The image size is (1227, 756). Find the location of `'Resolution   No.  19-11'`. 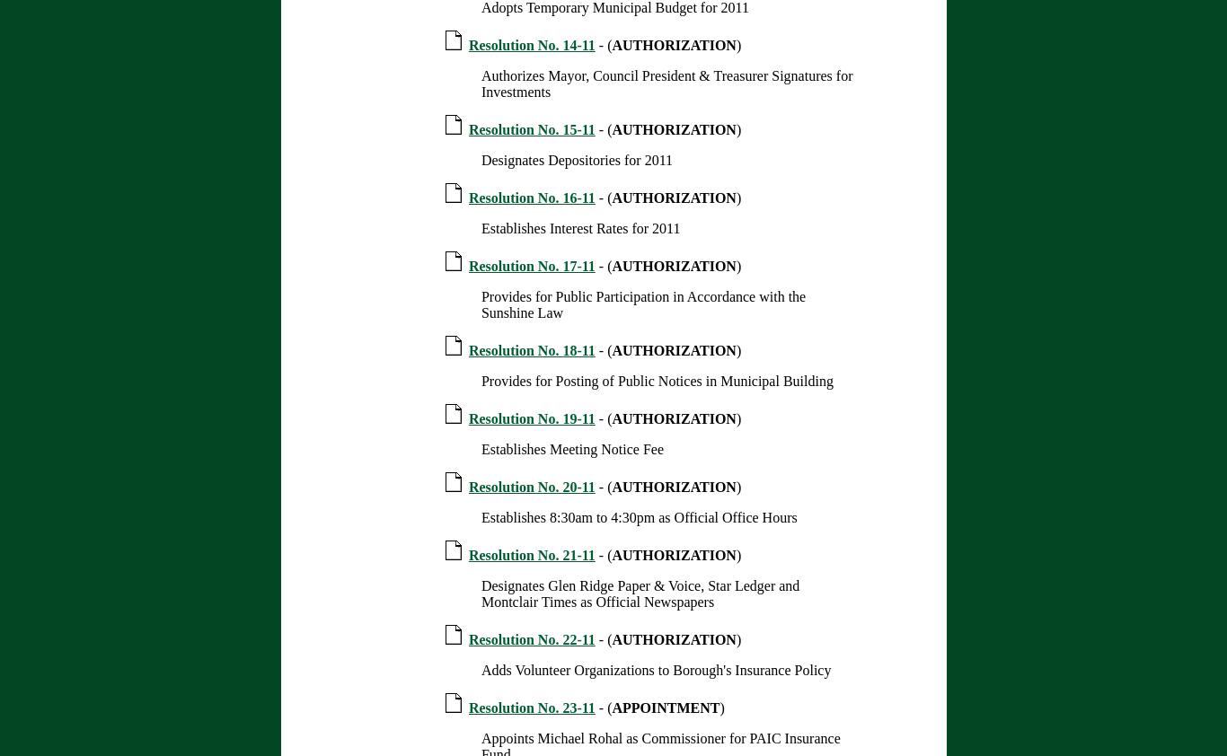

'Resolution   No.  19-11' is located at coordinates (530, 418).